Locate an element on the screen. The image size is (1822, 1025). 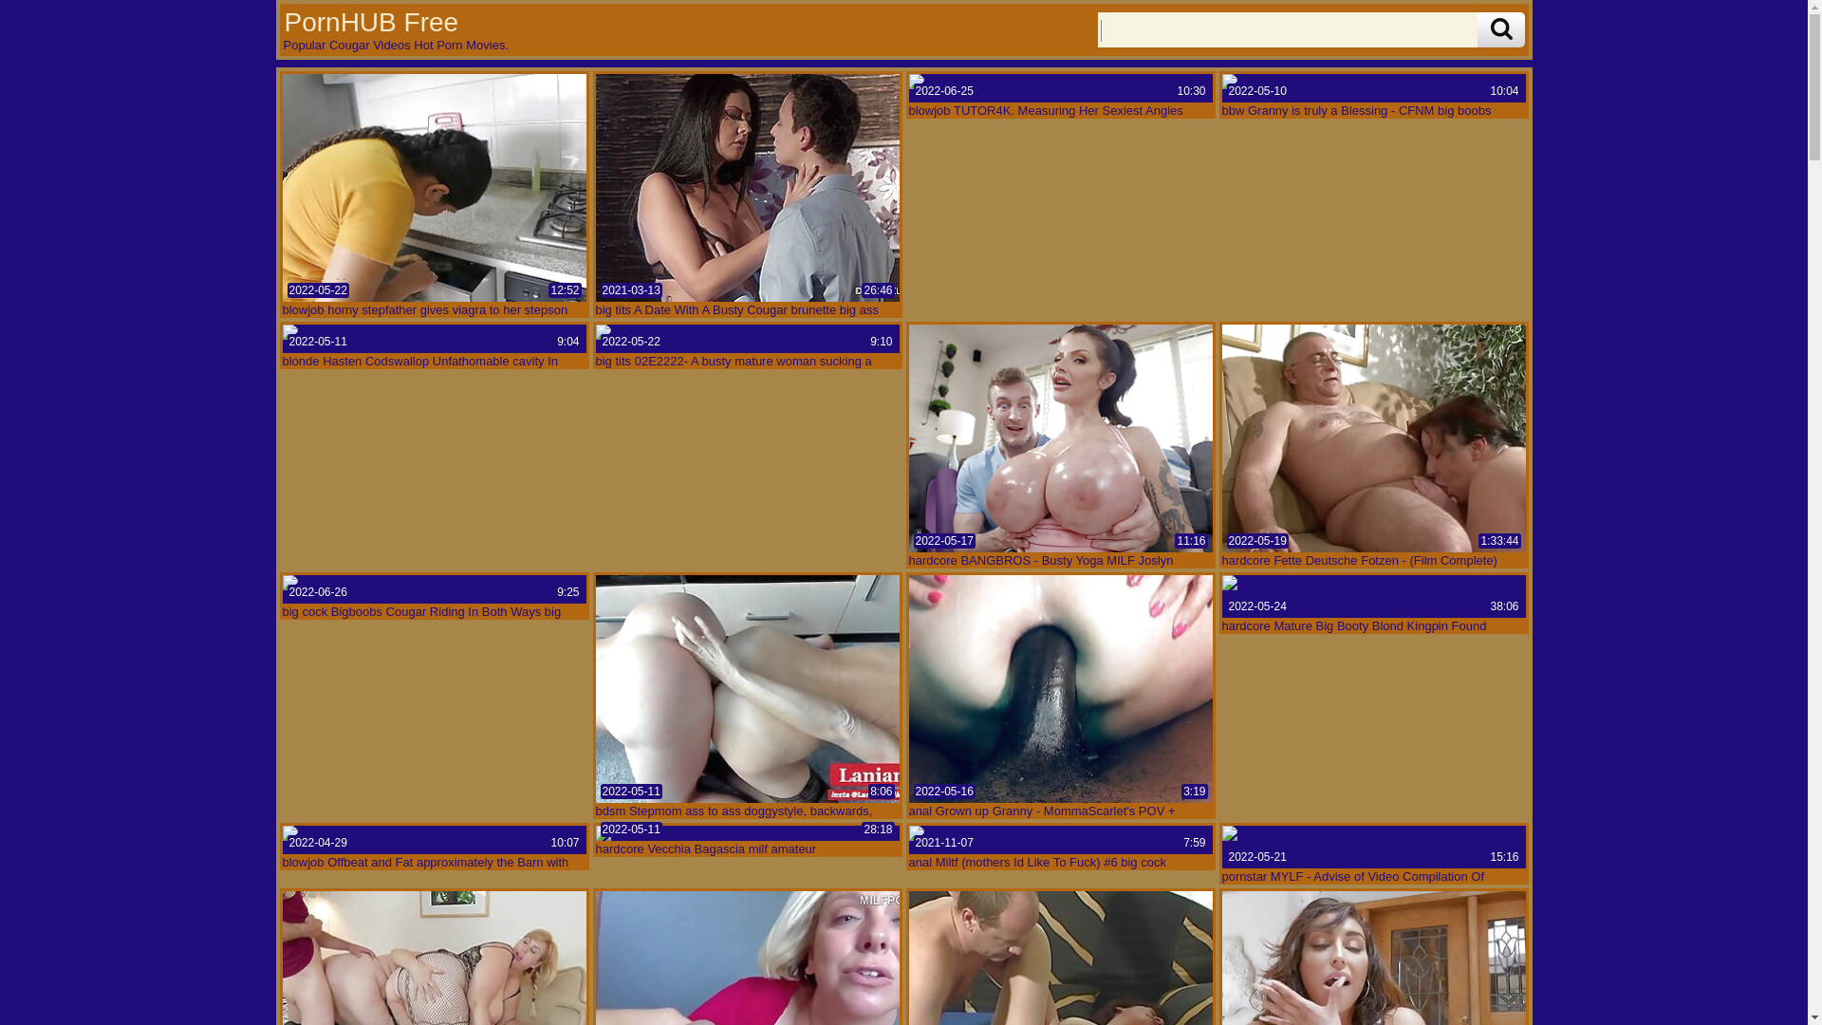
'anal Miltf (mothers Id Like To Fuck) #6 big cock american' is located at coordinates (1060, 838).